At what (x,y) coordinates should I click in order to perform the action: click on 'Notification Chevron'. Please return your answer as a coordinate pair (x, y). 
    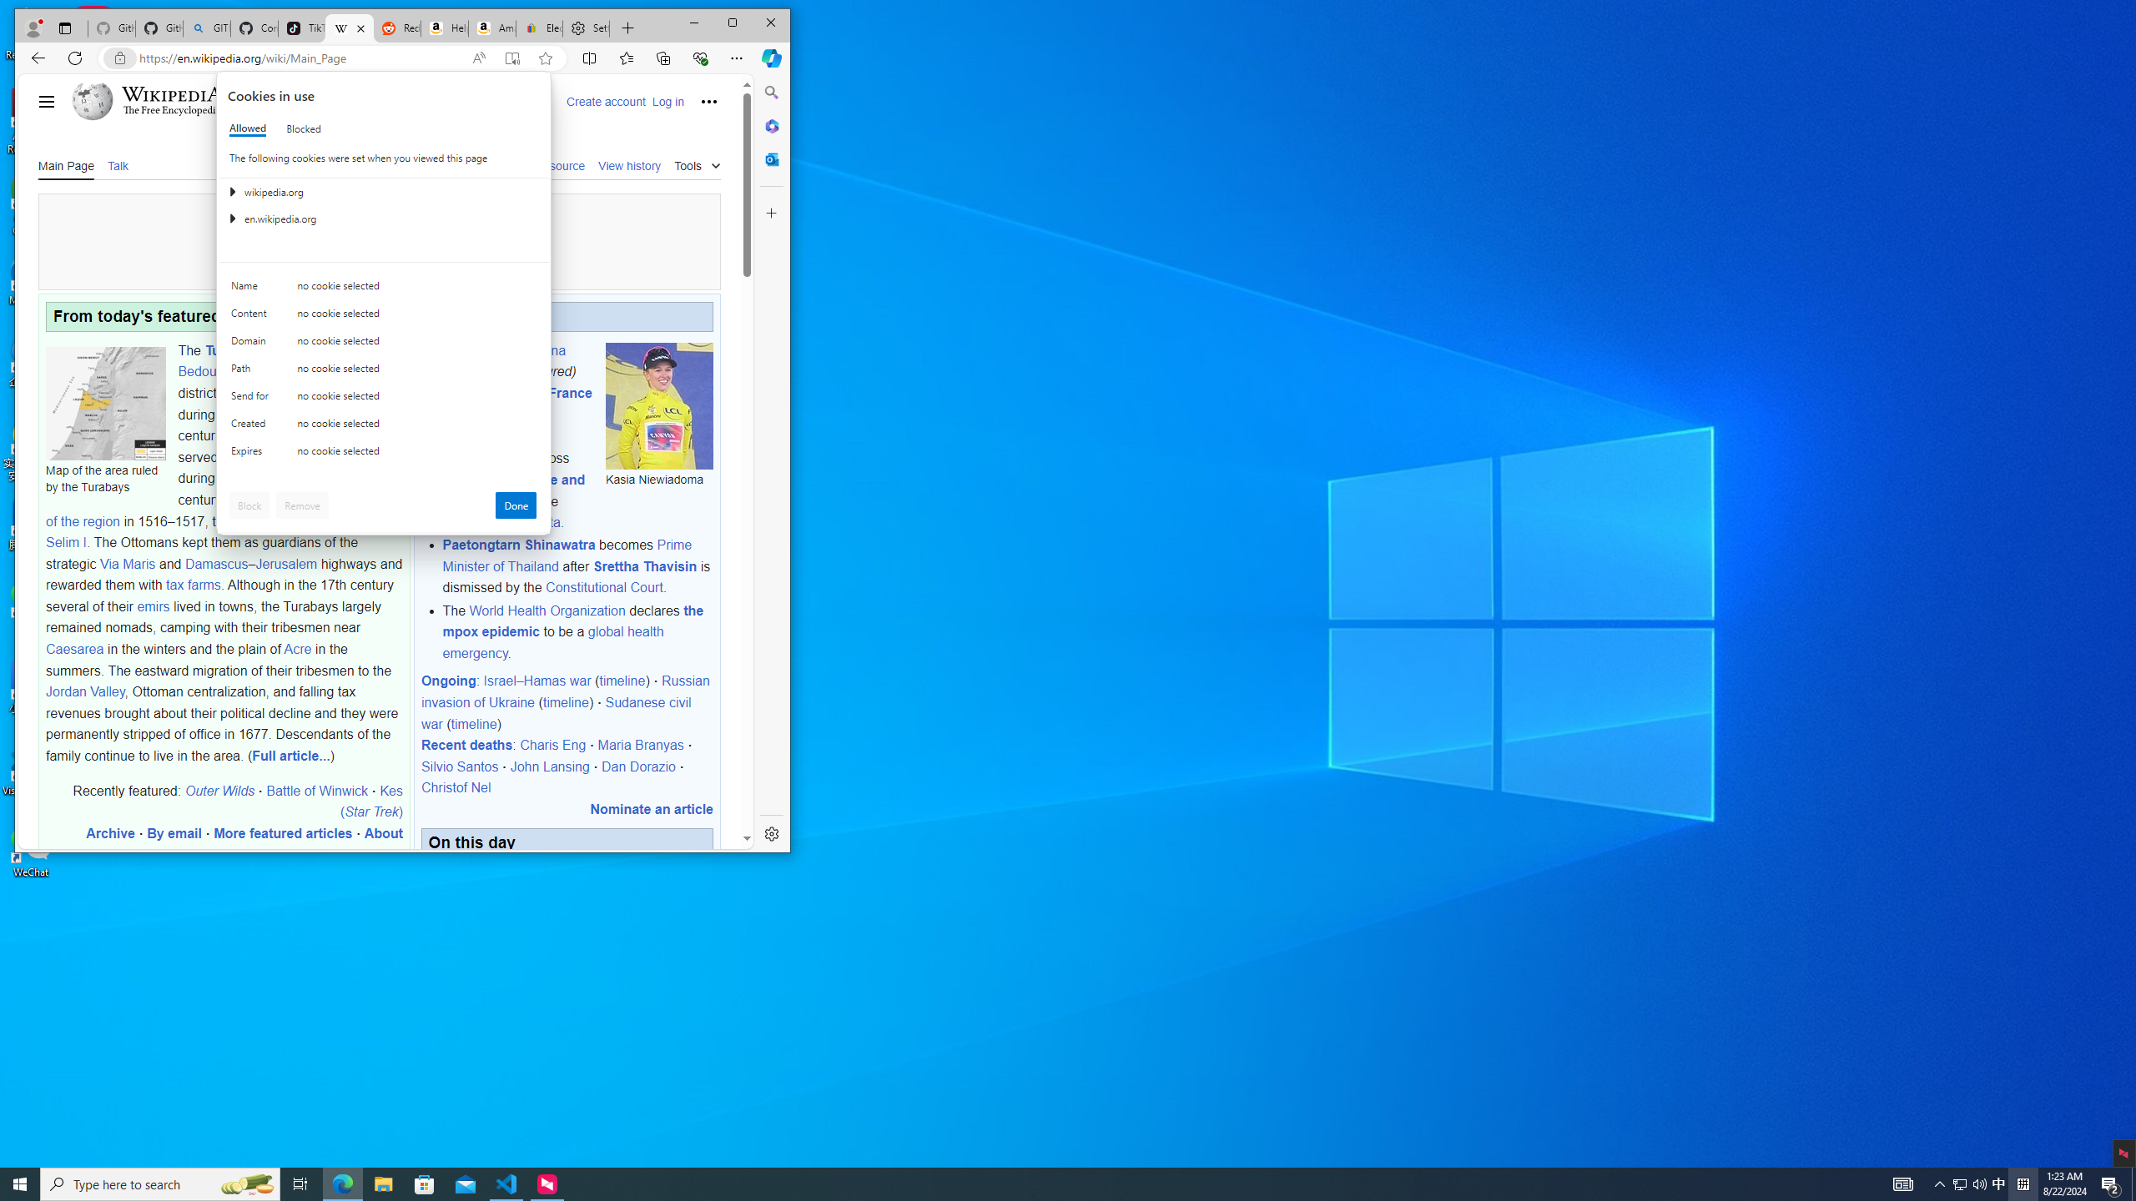
    Looking at the image, I should click on (1959, 1183).